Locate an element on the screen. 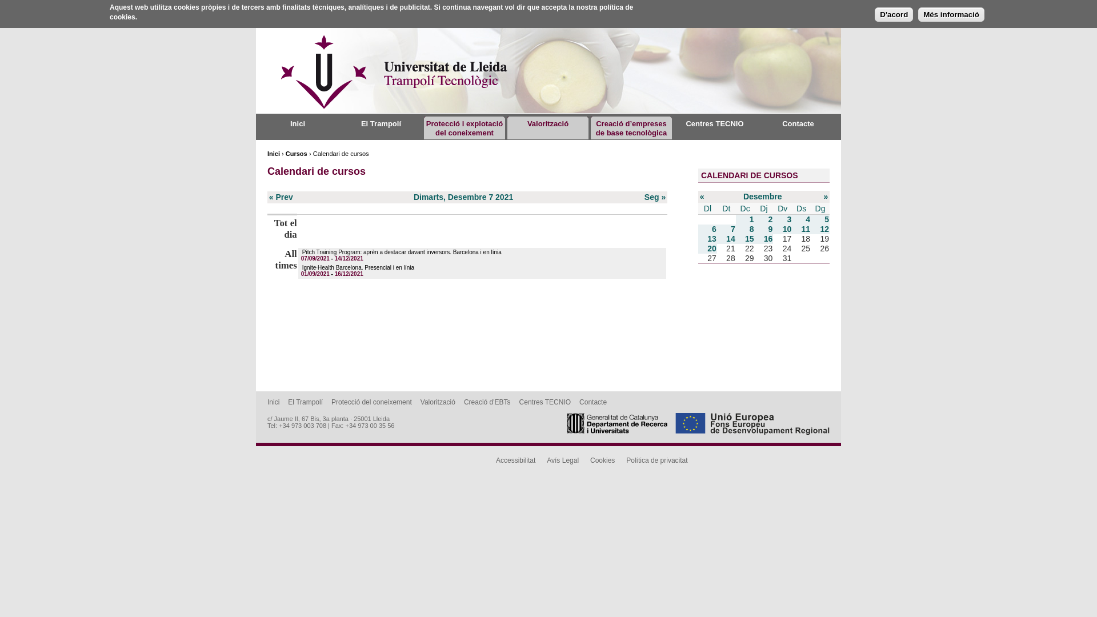  'Desembre' is located at coordinates (762, 195).